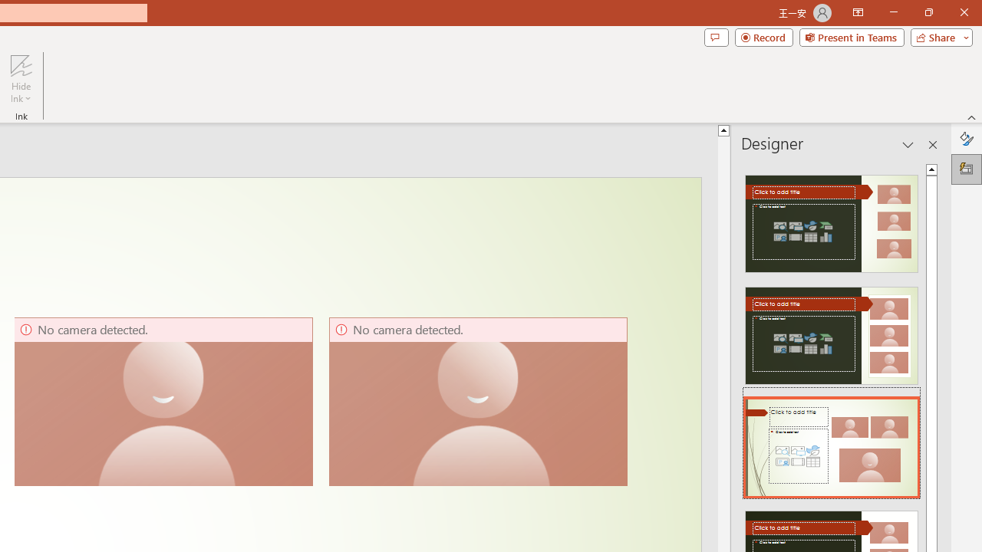 The width and height of the screenshot is (982, 552). What do you see at coordinates (831, 219) in the screenshot?
I see `'Recommended Design: Design Idea'` at bounding box center [831, 219].